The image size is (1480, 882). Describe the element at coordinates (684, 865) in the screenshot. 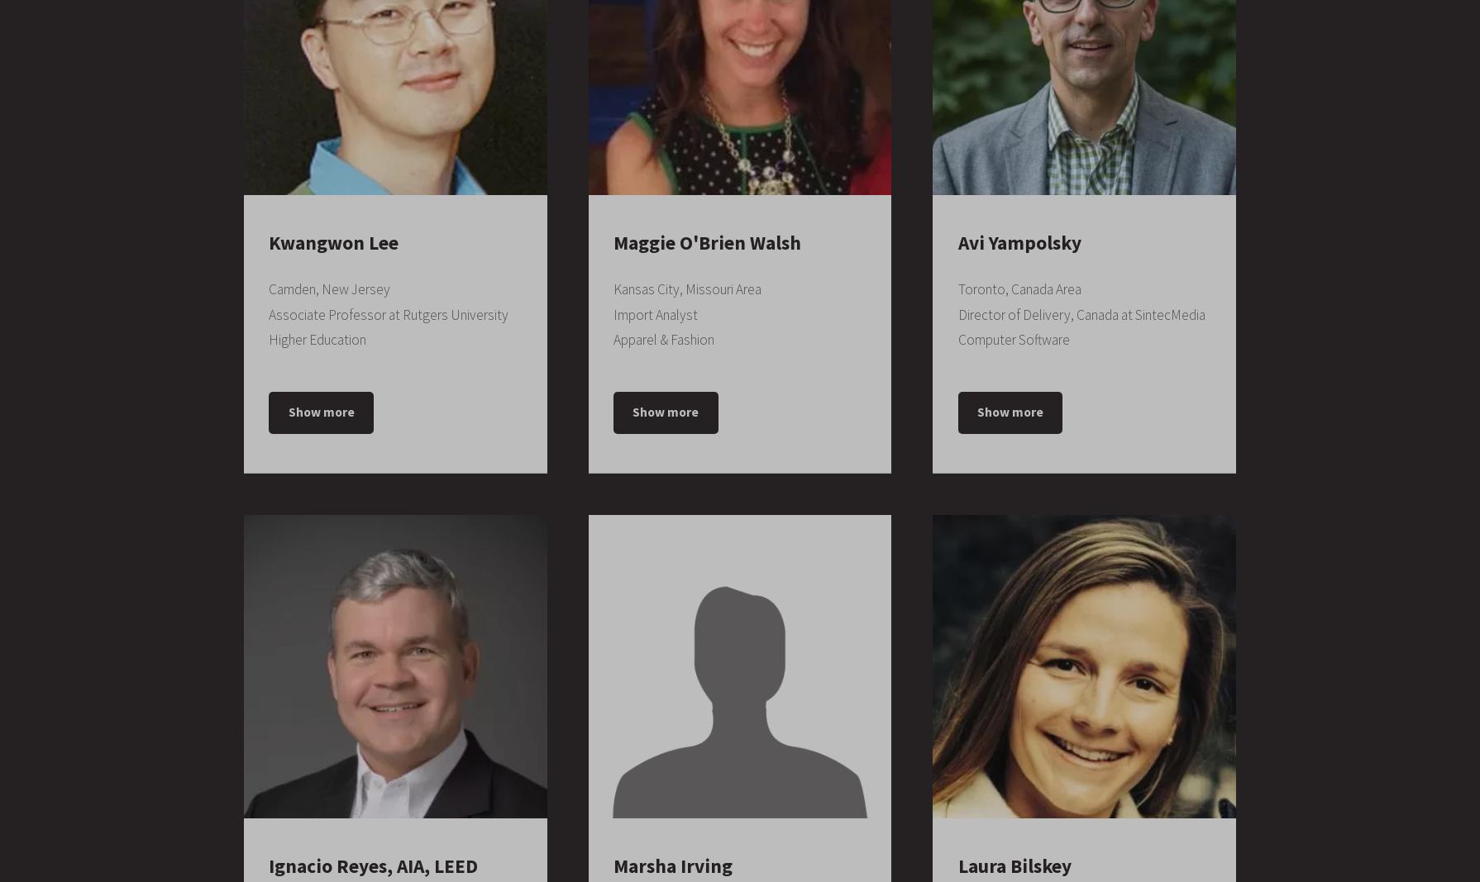

I see `'May 2014 – September 2014'` at that location.